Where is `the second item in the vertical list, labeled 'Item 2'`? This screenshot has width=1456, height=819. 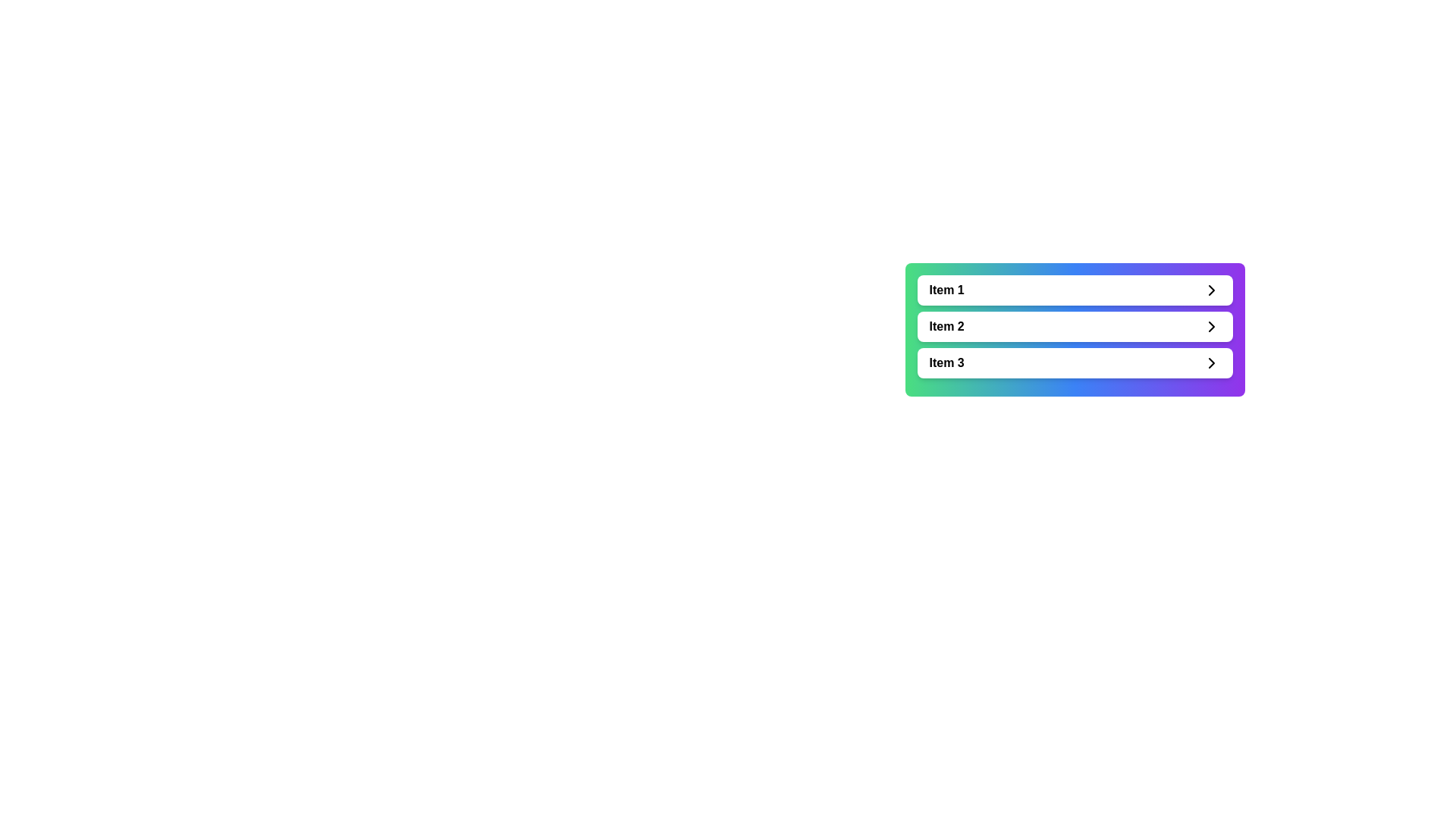 the second item in the vertical list, labeled 'Item 2' is located at coordinates (1074, 326).